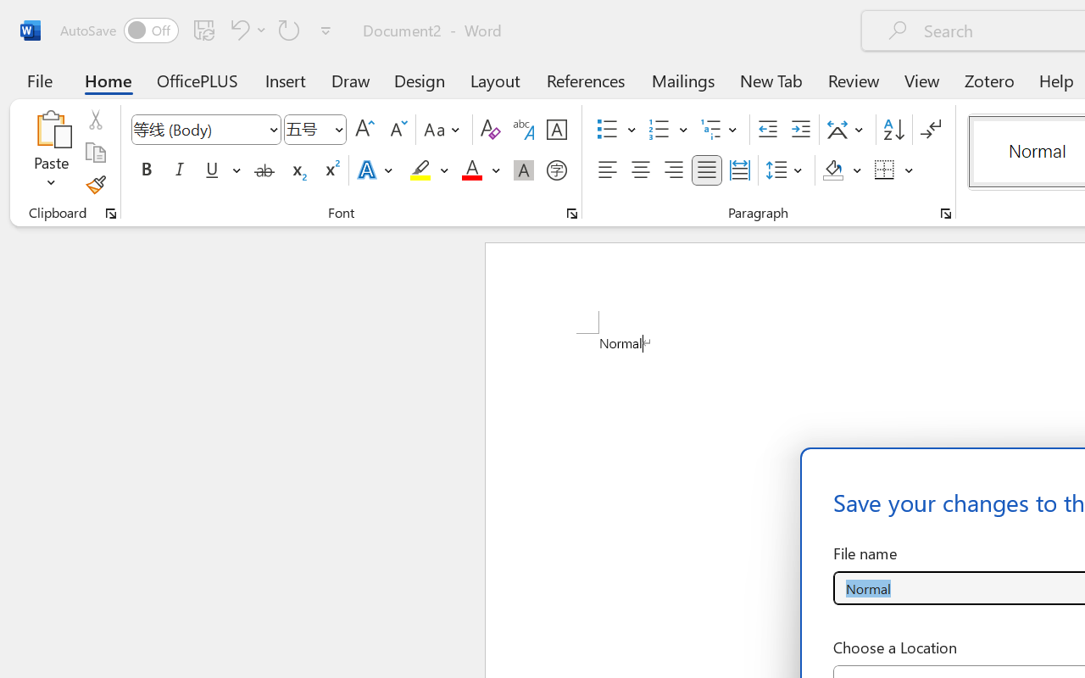 The width and height of the screenshot is (1085, 678). I want to click on 'Borders', so click(884, 170).